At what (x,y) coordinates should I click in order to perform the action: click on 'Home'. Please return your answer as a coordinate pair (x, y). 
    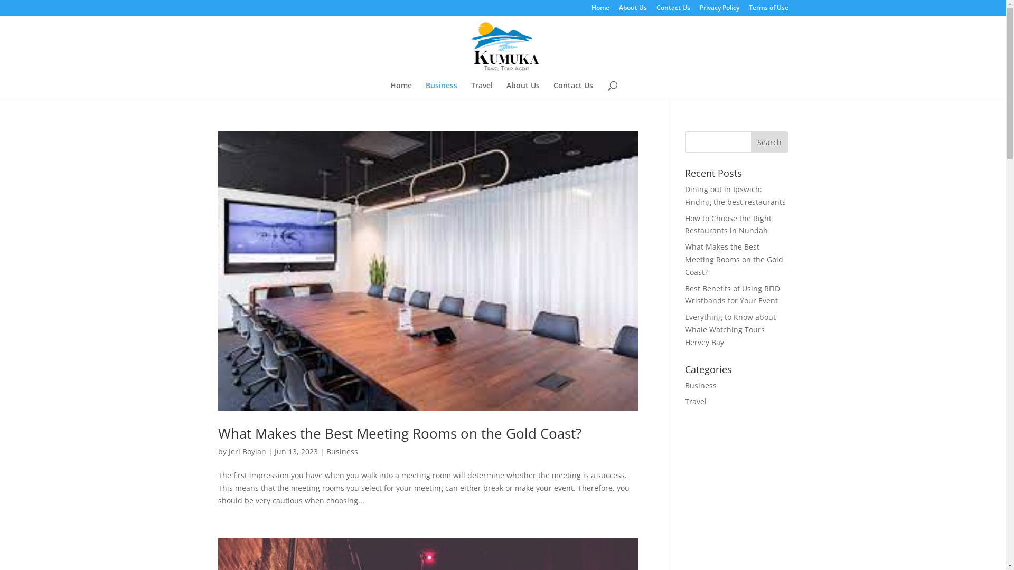
    Looking at the image, I should click on (600, 10).